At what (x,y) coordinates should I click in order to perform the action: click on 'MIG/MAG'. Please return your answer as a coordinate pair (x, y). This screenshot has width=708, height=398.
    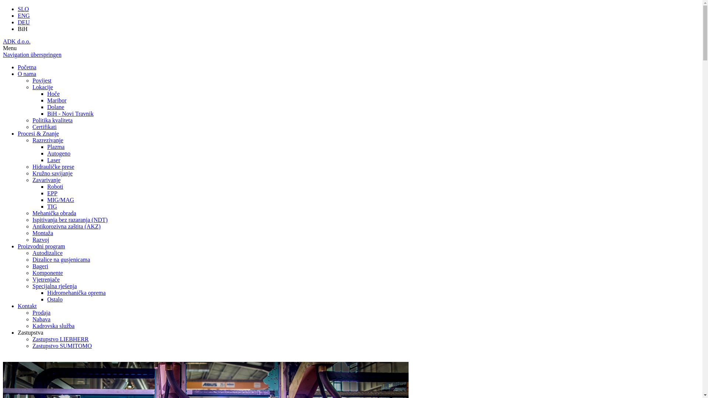
    Looking at the image, I should click on (60, 200).